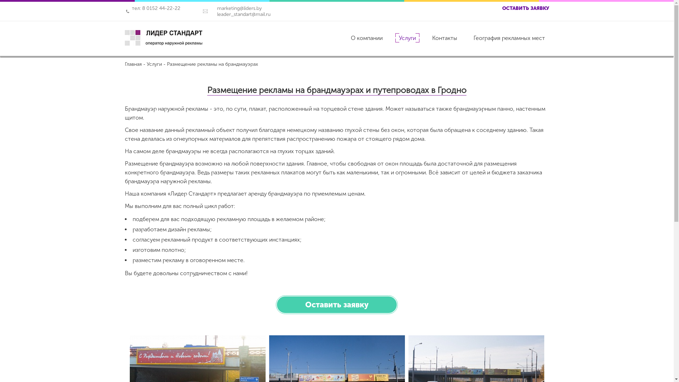  I want to click on 'marketing@liders.by', so click(236, 8).